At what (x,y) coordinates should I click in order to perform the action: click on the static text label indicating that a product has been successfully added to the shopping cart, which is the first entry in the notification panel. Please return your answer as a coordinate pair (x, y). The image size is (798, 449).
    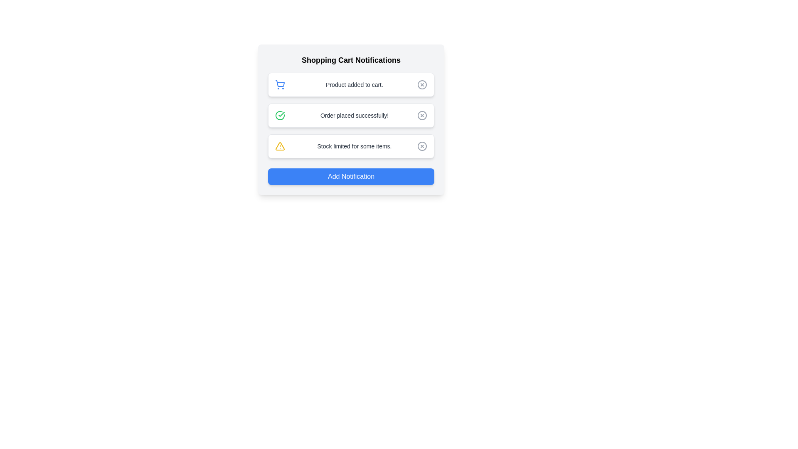
    Looking at the image, I should click on (355, 85).